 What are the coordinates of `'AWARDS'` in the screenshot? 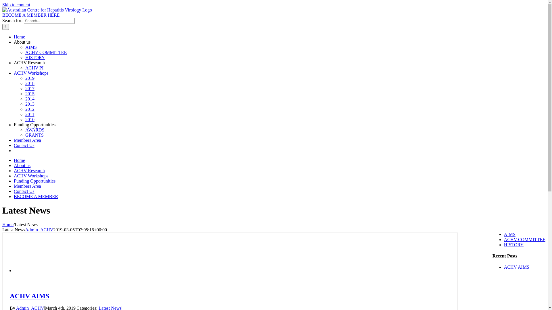 It's located at (34, 130).